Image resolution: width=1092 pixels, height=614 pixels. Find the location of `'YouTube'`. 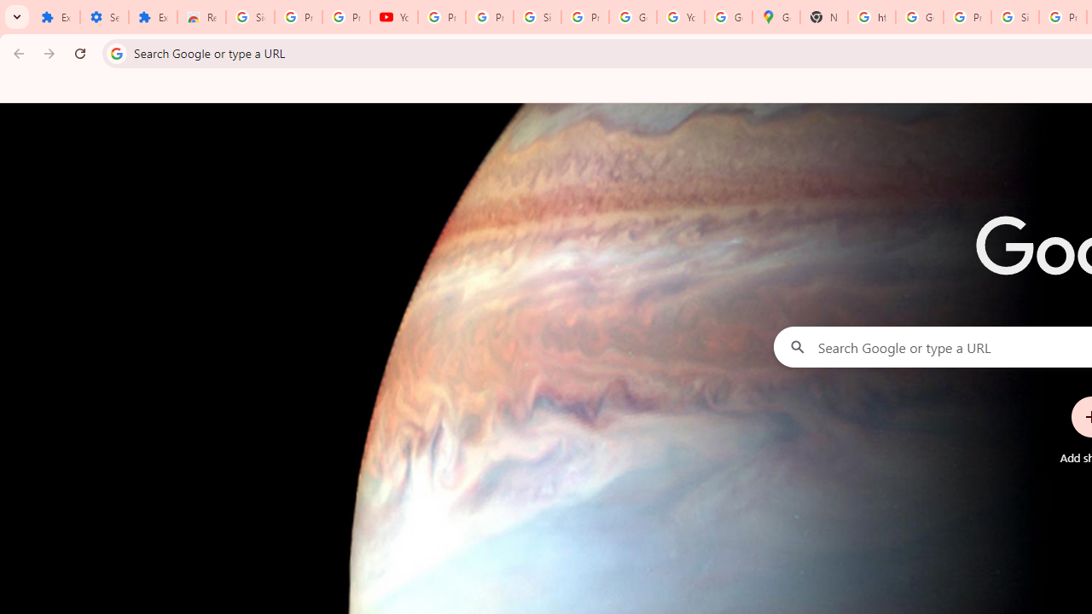

'YouTube' is located at coordinates (680, 17).